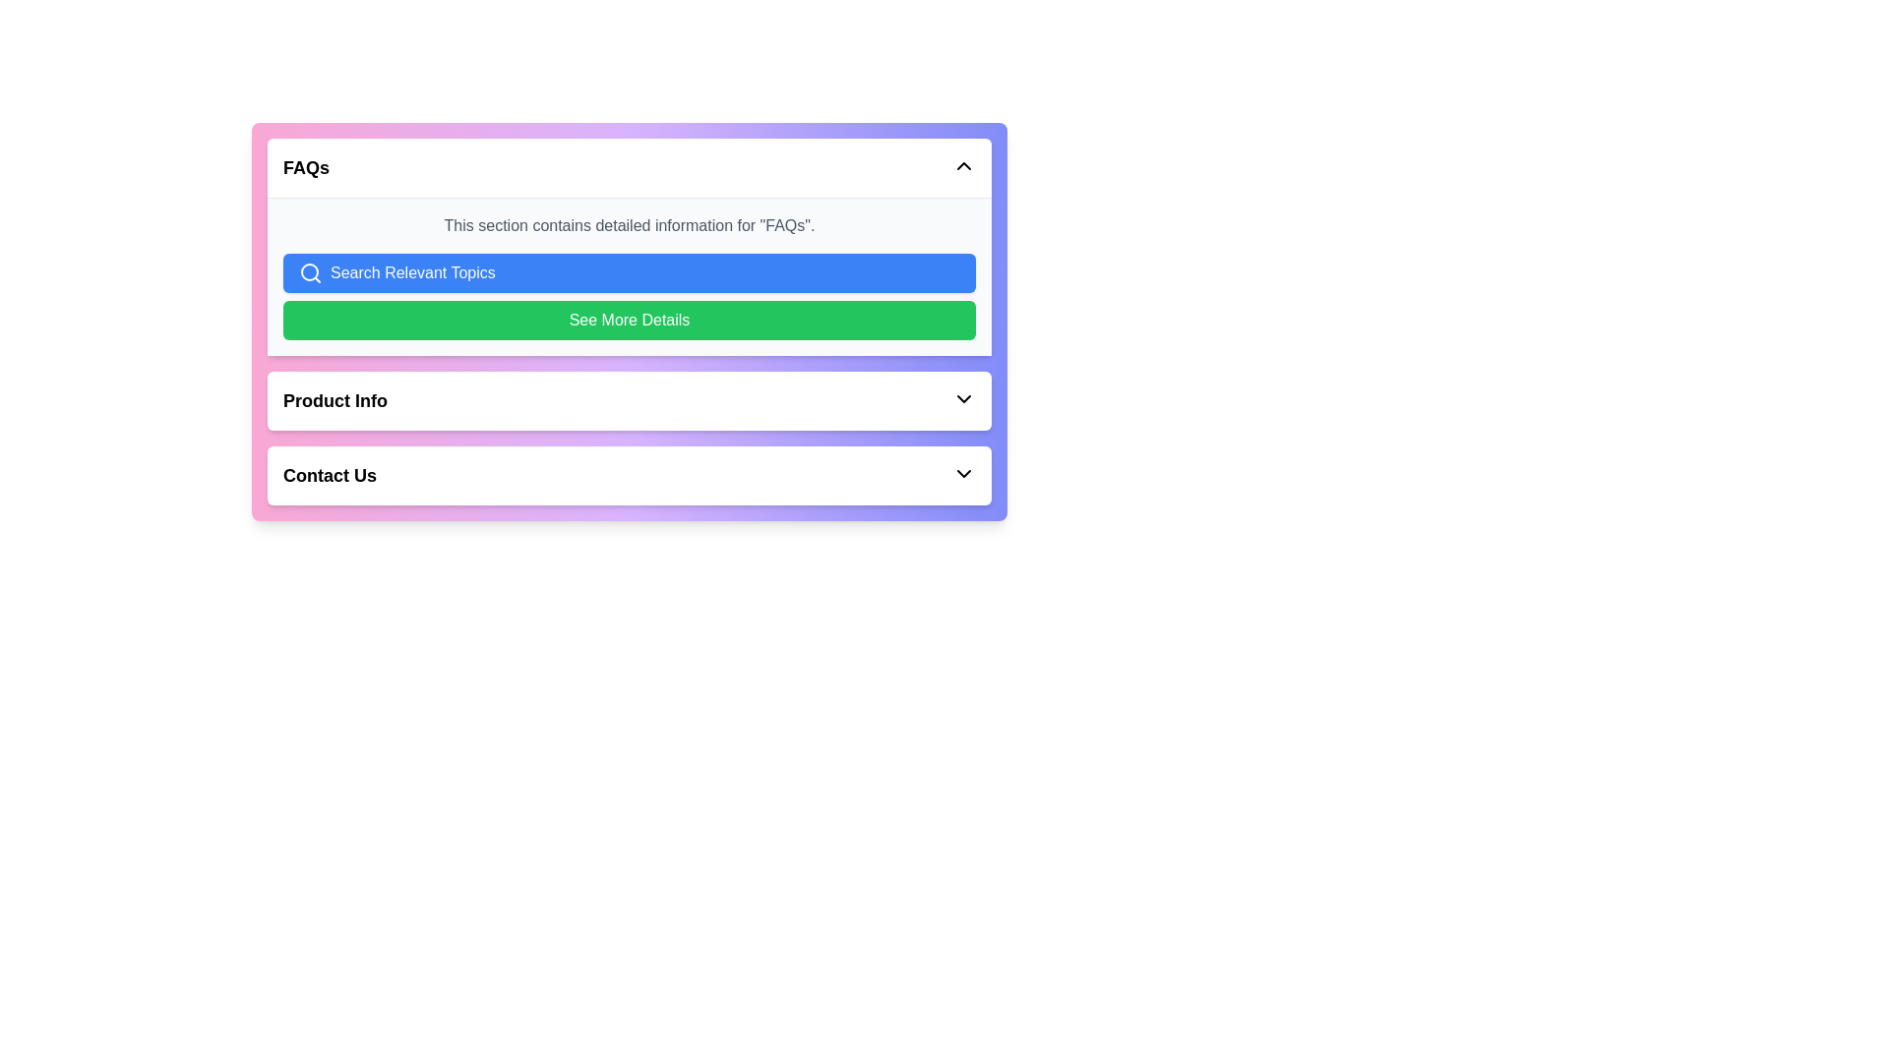 The height and width of the screenshot is (1062, 1889). I want to click on the 'Contact Us' text label element, so click(330, 475).